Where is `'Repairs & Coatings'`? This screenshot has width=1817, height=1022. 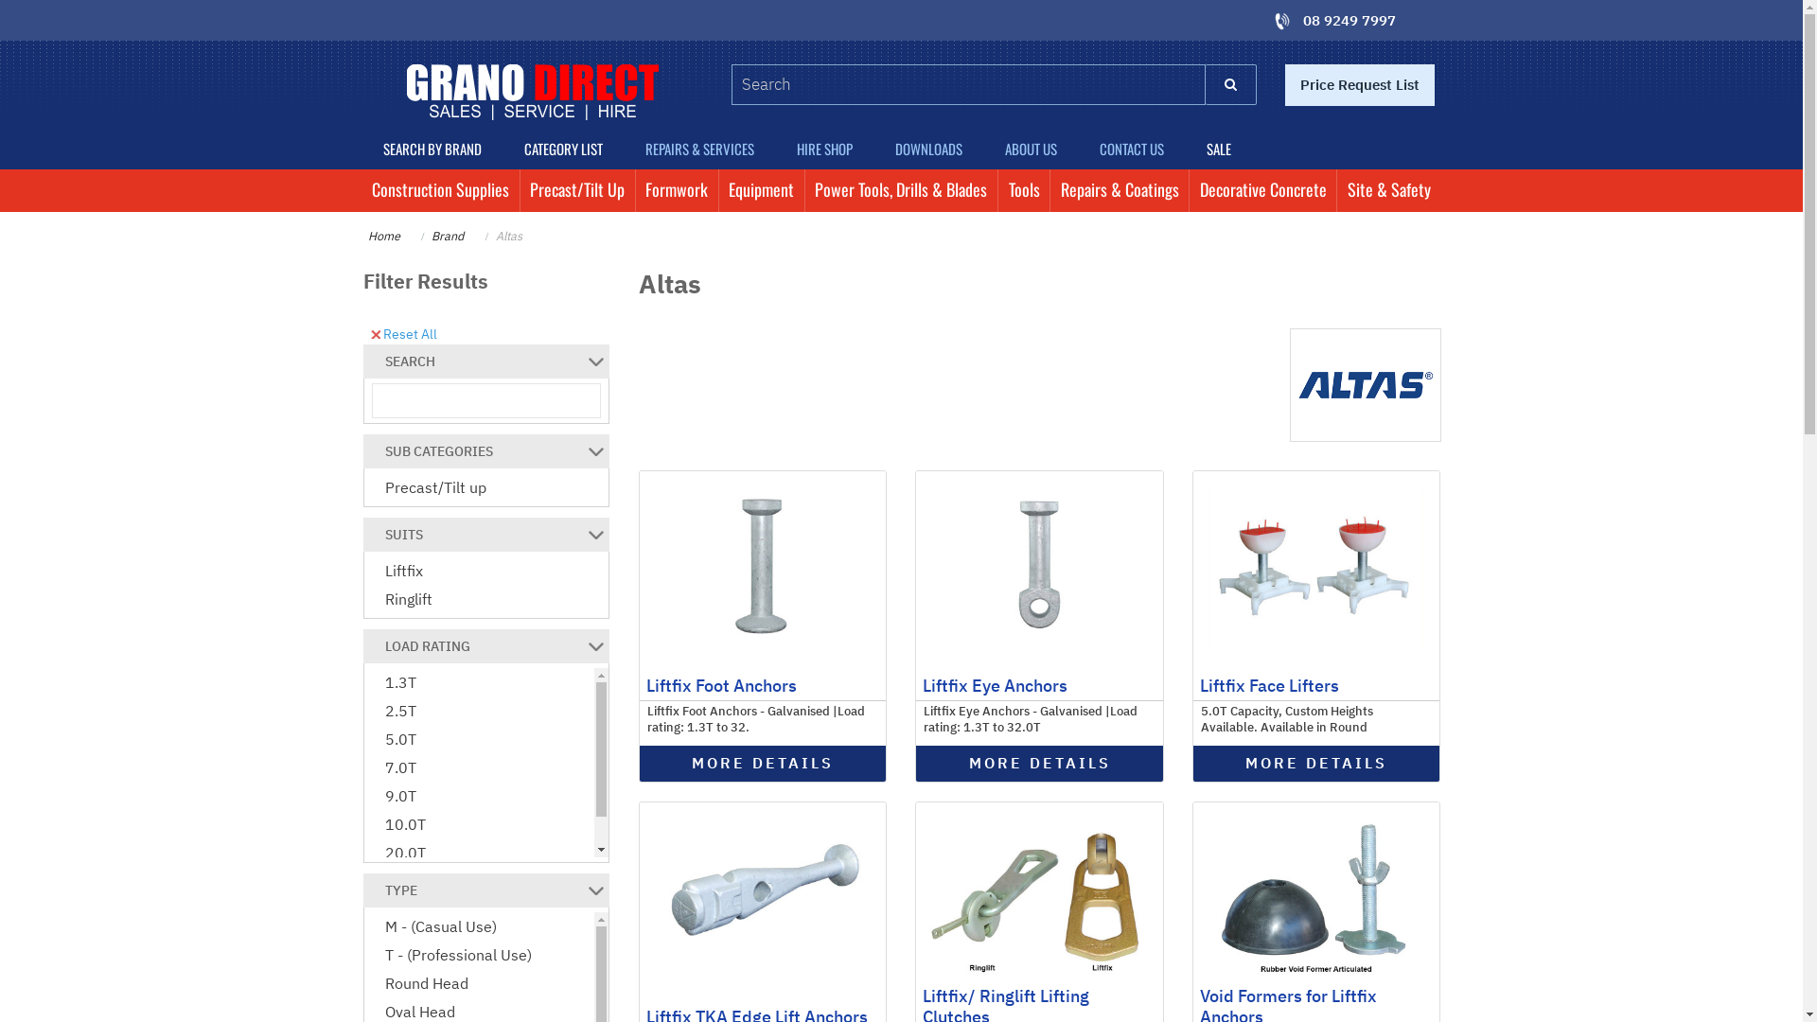 'Repairs & Coatings' is located at coordinates (1119, 190).